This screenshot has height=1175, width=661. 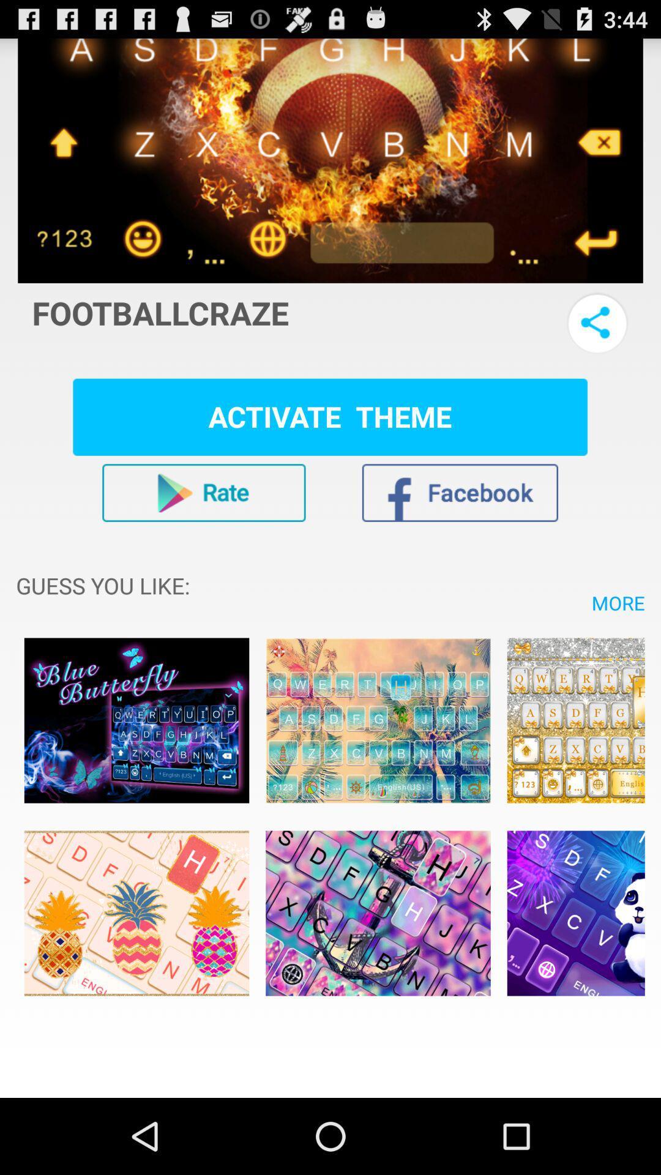 I want to click on open app advertisement, so click(x=136, y=913).